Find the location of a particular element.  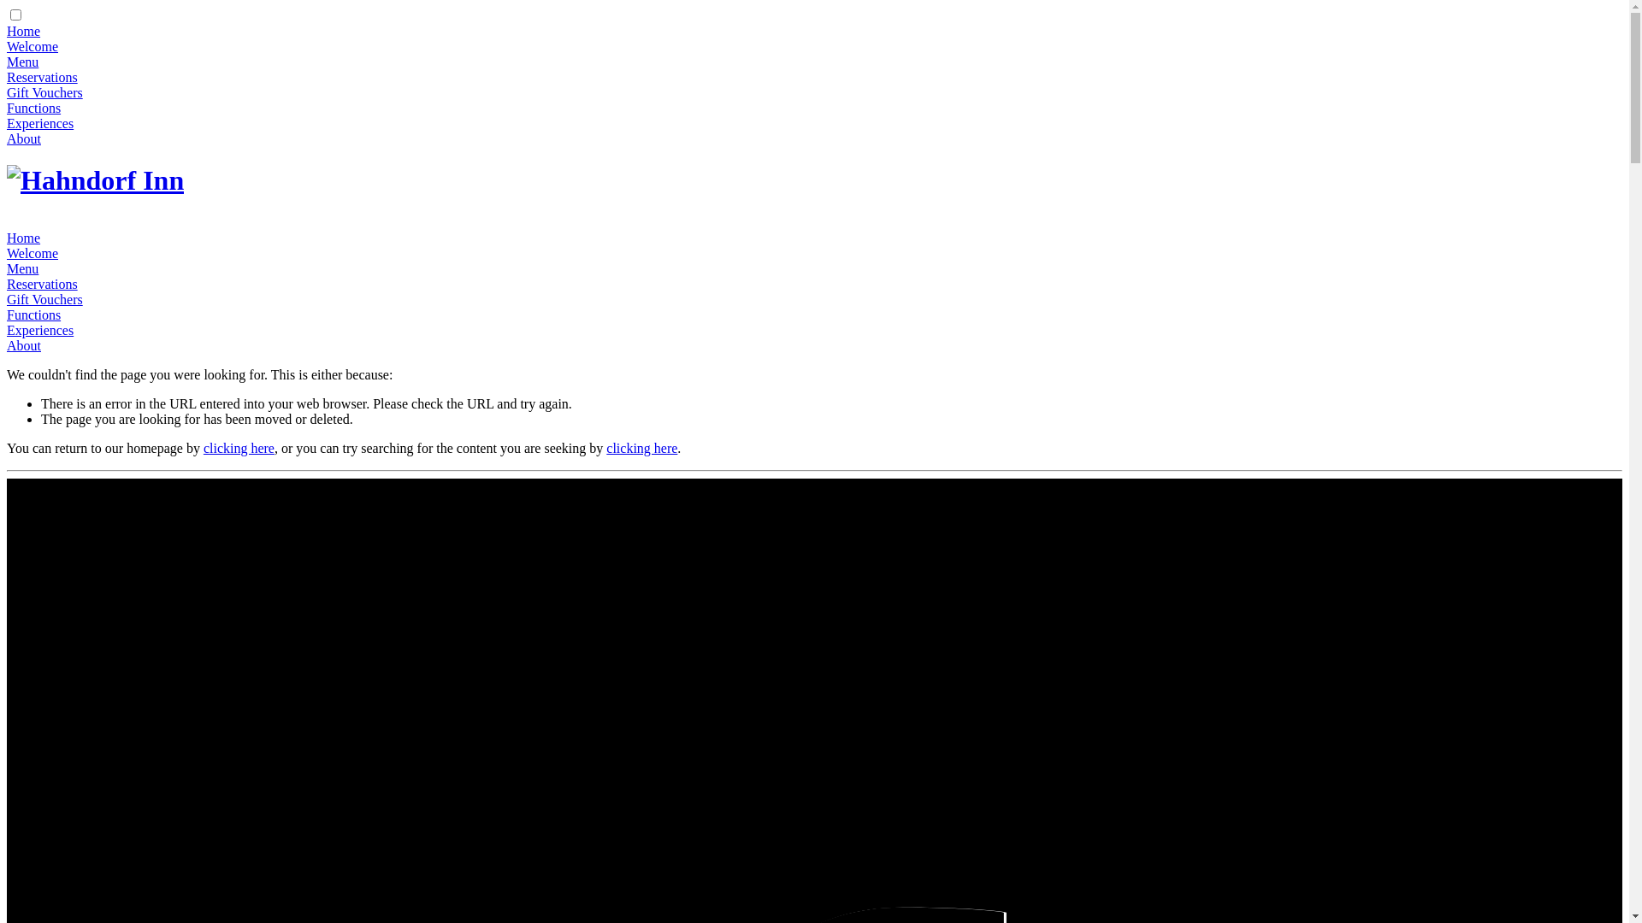

'clicking here' is located at coordinates (238, 447).